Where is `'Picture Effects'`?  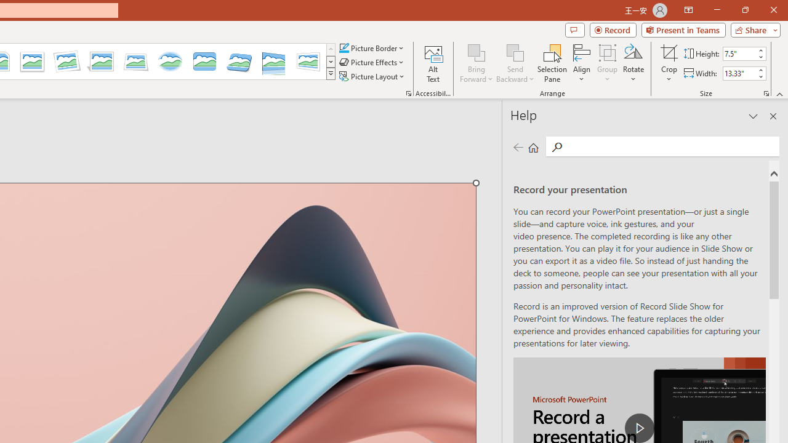 'Picture Effects' is located at coordinates (372, 62).